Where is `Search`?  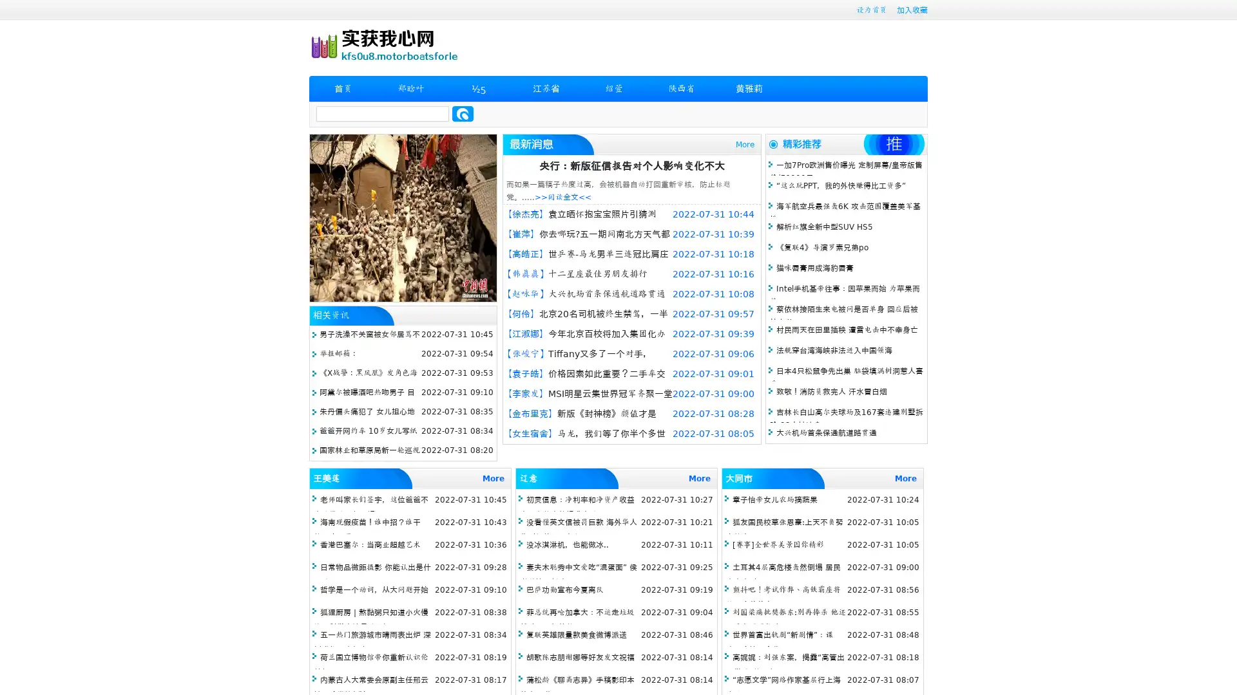 Search is located at coordinates (463, 113).